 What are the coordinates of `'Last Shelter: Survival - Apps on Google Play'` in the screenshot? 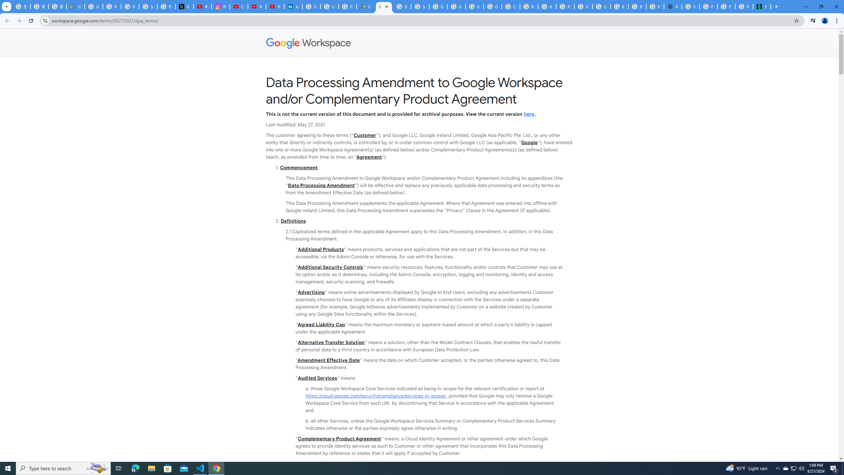 It's located at (365, 6).